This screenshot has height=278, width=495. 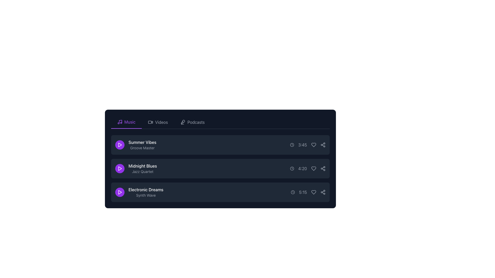 I want to click on the circular purple button with a white triangular play icon to trigger the hover effect, so click(x=119, y=145).